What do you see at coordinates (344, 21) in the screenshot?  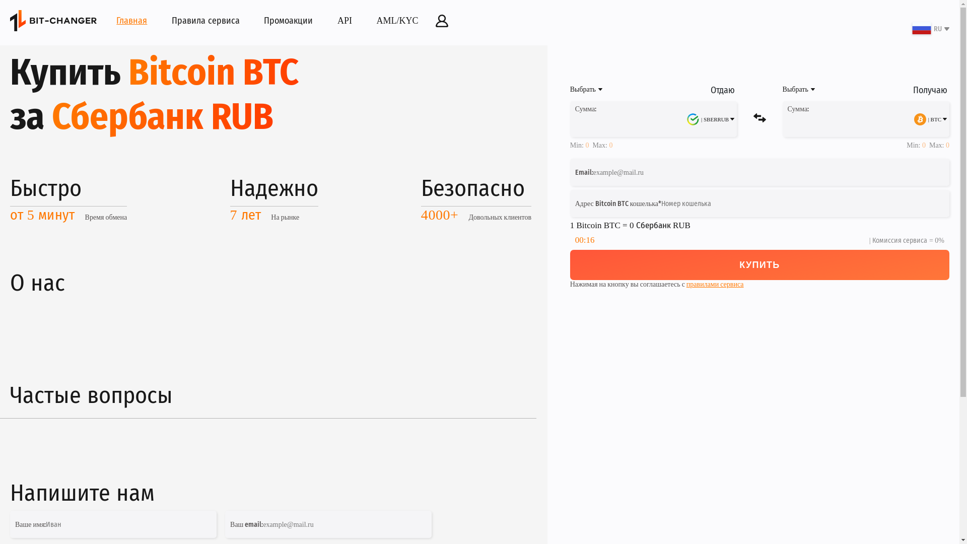 I see `'API'` at bounding box center [344, 21].